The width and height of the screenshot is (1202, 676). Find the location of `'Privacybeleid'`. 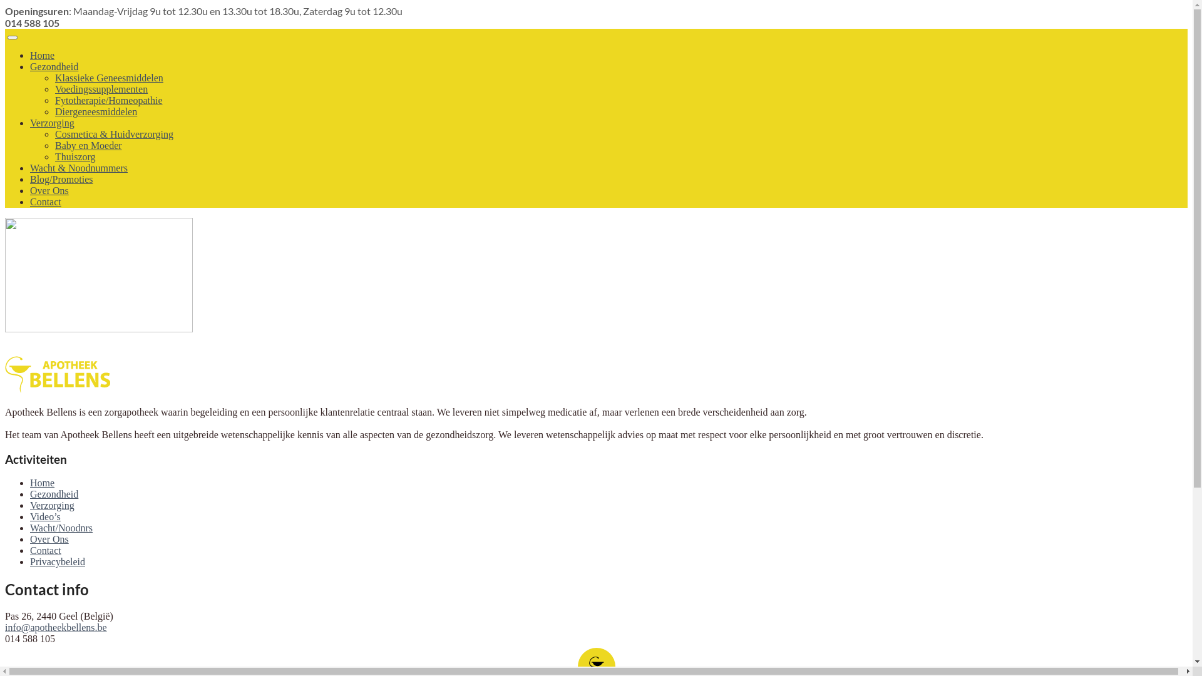

'Privacybeleid' is located at coordinates (56, 561).